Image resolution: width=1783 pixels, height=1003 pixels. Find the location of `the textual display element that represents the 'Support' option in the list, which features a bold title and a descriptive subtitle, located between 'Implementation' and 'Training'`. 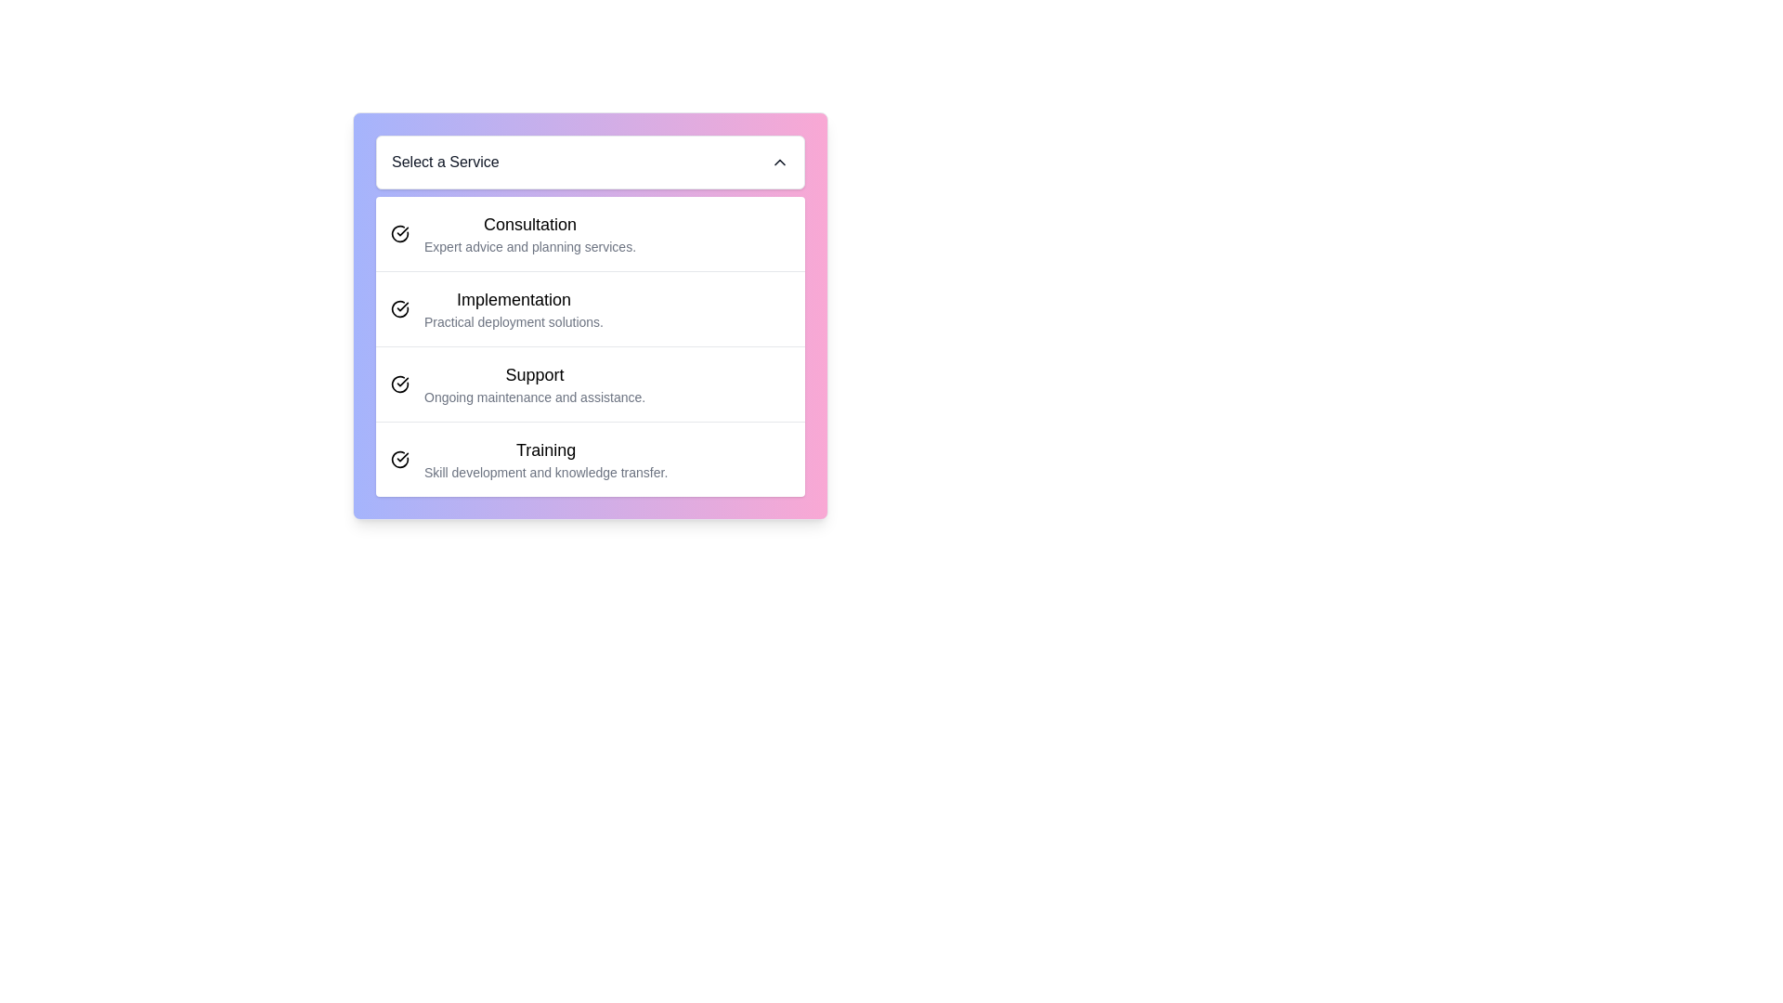

the textual display element that represents the 'Support' option in the list, which features a bold title and a descriptive subtitle, located between 'Implementation' and 'Training' is located at coordinates (534, 383).